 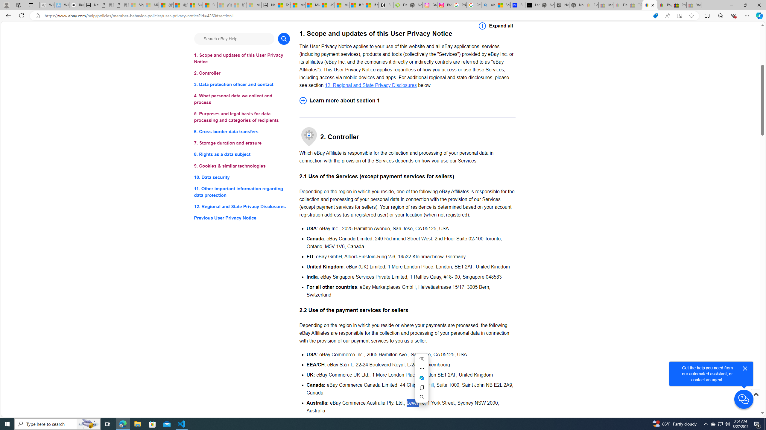 What do you see at coordinates (241, 58) in the screenshot?
I see `'1. Scope and updates of this User Privacy Notice'` at bounding box center [241, 58].